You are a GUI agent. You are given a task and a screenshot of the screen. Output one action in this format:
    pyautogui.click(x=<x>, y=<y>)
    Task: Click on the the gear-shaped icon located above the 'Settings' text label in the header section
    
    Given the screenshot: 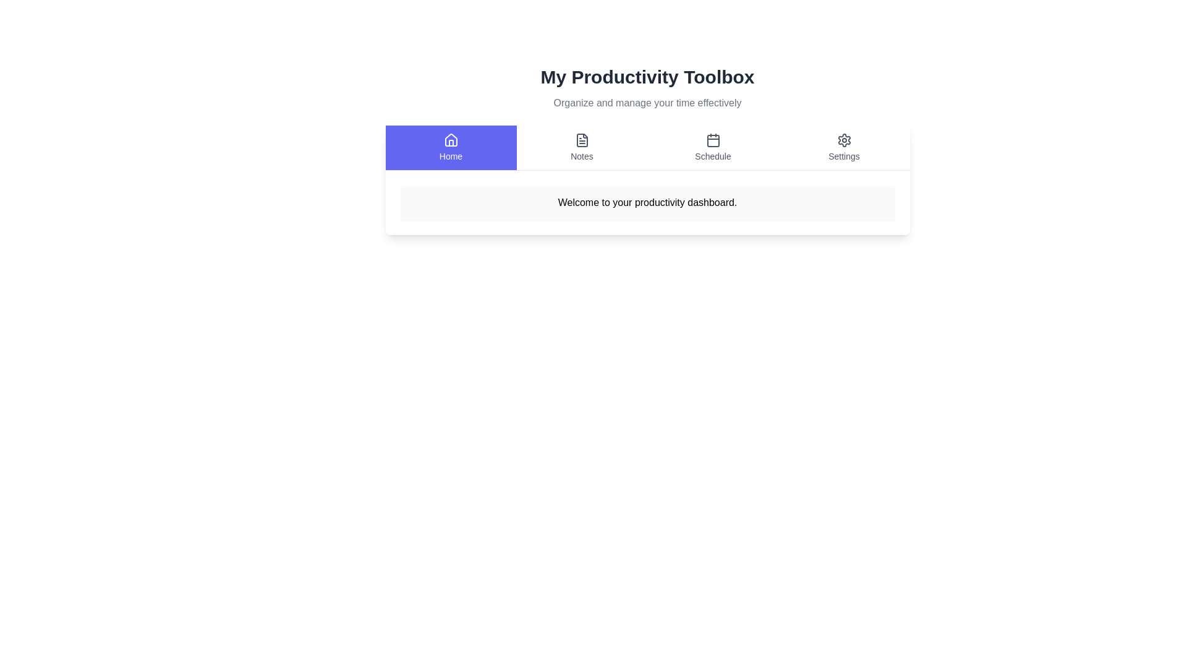 What is the action you would take?
    pyautogui.click(x=843, y=140)
    